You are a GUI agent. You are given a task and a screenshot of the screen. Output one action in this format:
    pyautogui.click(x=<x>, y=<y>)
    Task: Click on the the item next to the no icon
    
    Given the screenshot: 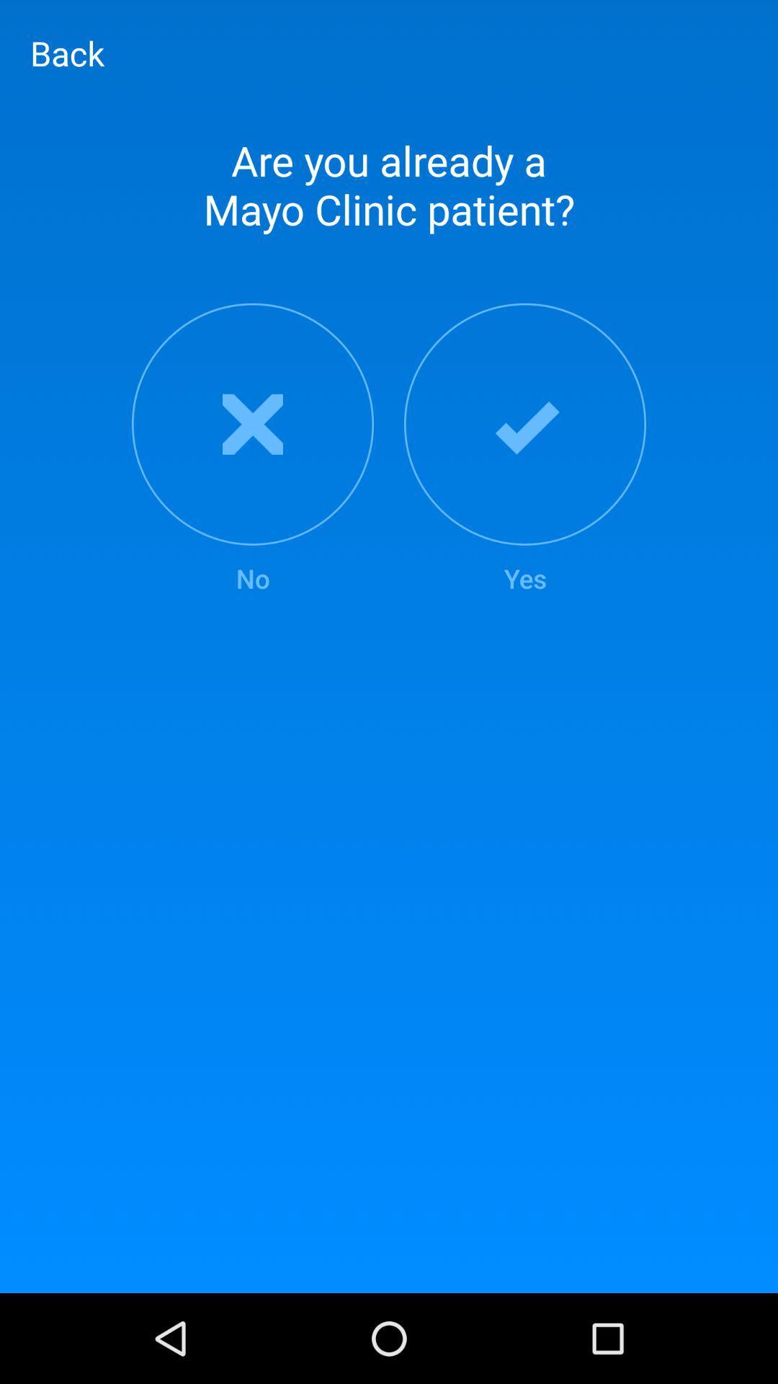 What is the action you would take?
    pyautogui.click(x=525, y=449)
    